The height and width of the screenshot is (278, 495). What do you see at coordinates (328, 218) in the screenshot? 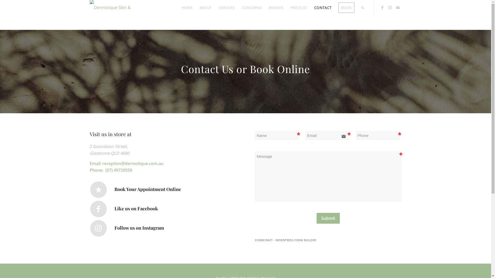
I see `'Submit'` at bounding box center [328, 218].